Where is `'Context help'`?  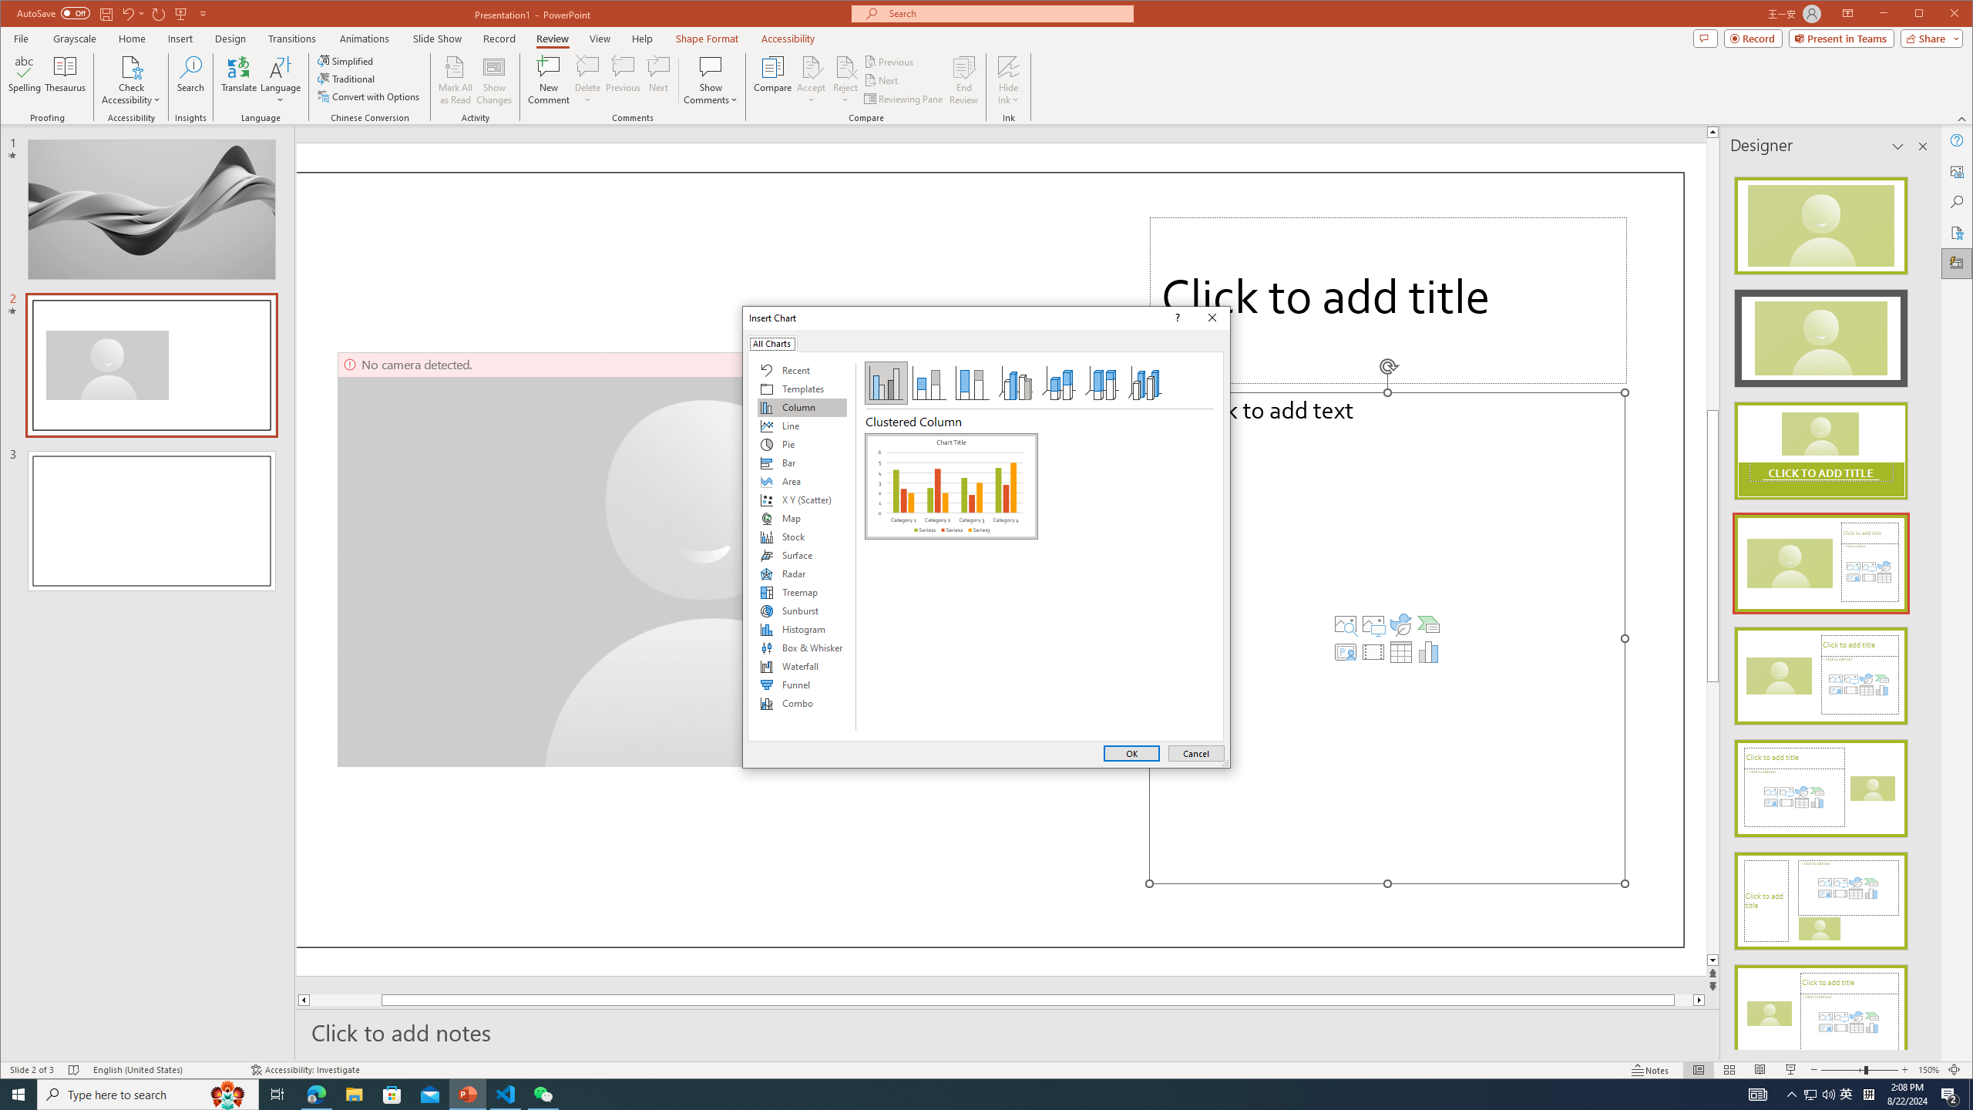
'Context help' is located at coordinates (1175, 317).